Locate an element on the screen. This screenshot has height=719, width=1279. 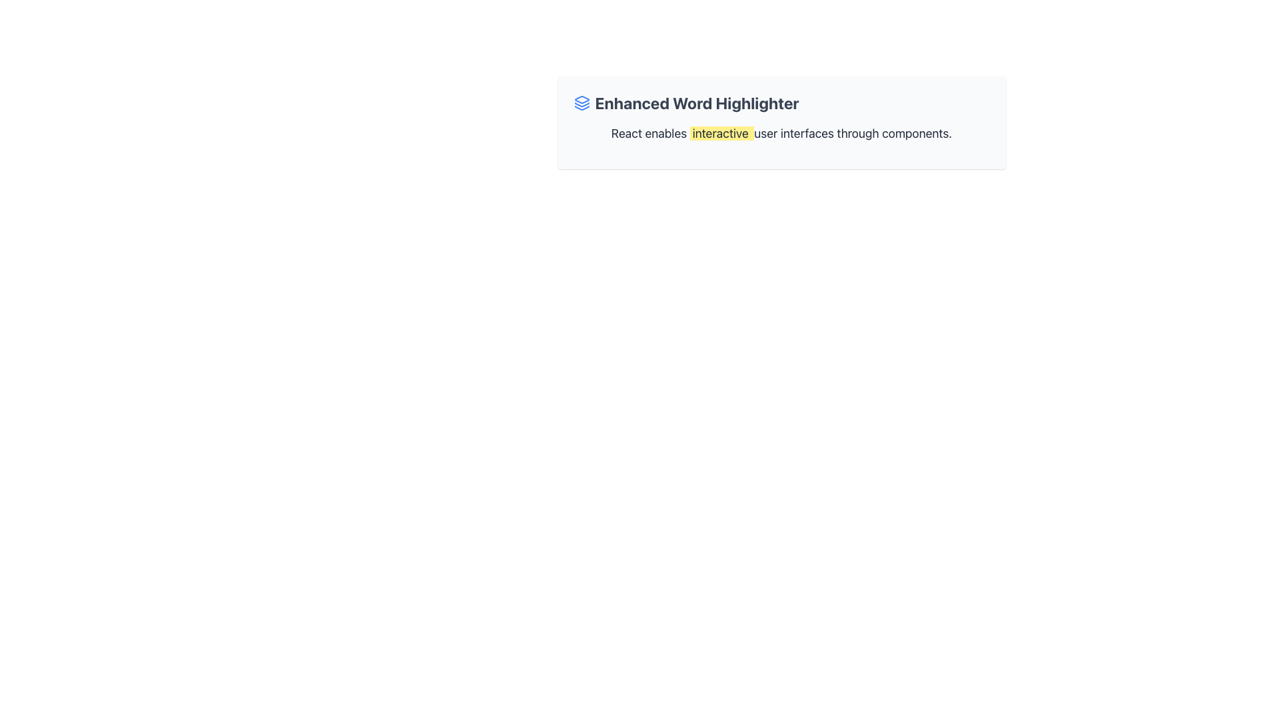
the text element that is located between the words 'interfaces' and 'components' in the sentence 'React enables interactive user interfaces through components.' is located at coordinates (859, 133).